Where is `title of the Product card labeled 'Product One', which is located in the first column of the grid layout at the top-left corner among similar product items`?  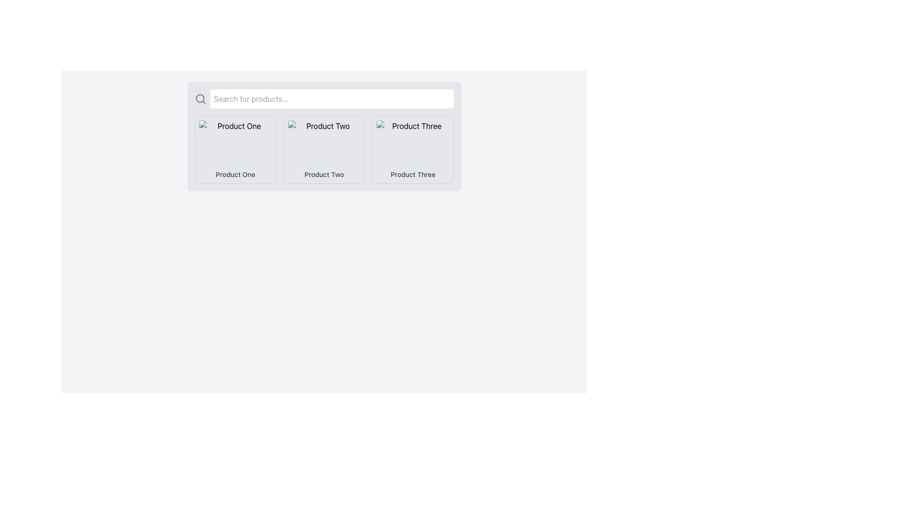 title of the Product card labeled 'Product One', which is located in the first column of the grid layout at the top-left corner among similar product items is located at coordinates (235, 150).